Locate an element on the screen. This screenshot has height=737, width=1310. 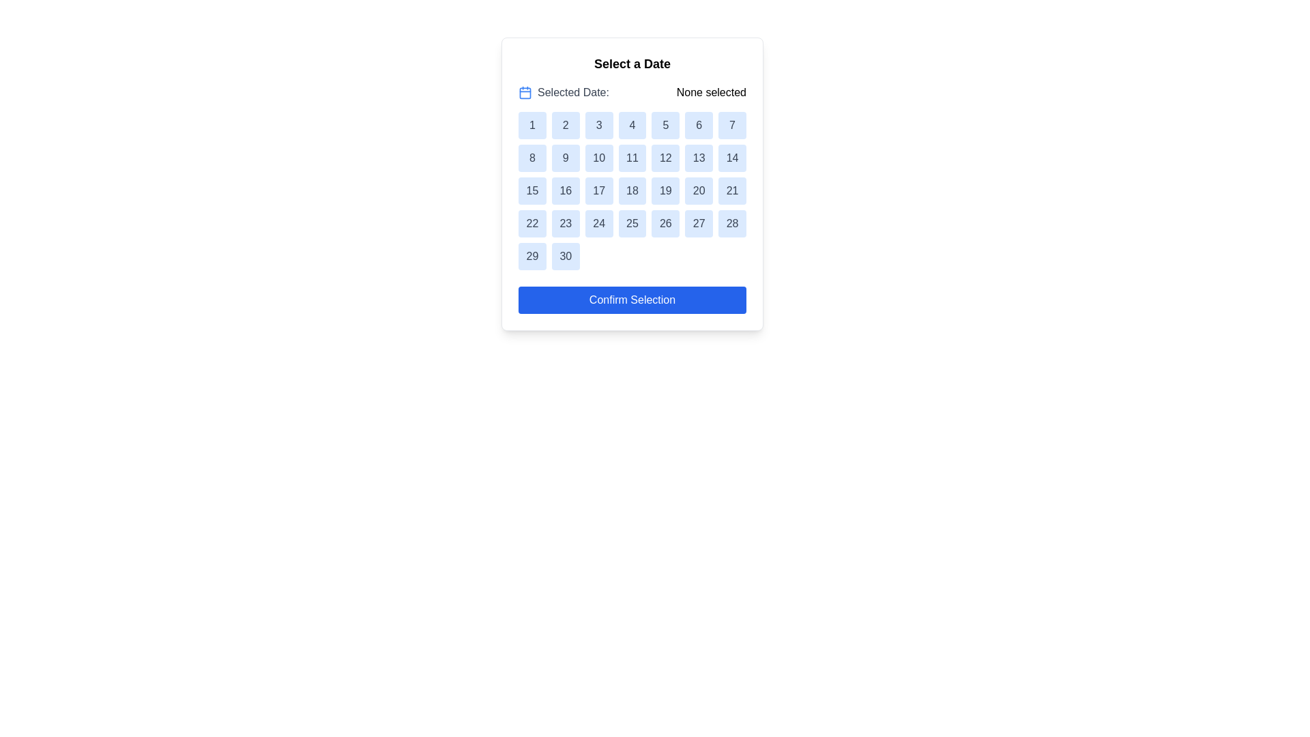
the date button representing the date '4' in the date selector is located at coordinates (631, 126).